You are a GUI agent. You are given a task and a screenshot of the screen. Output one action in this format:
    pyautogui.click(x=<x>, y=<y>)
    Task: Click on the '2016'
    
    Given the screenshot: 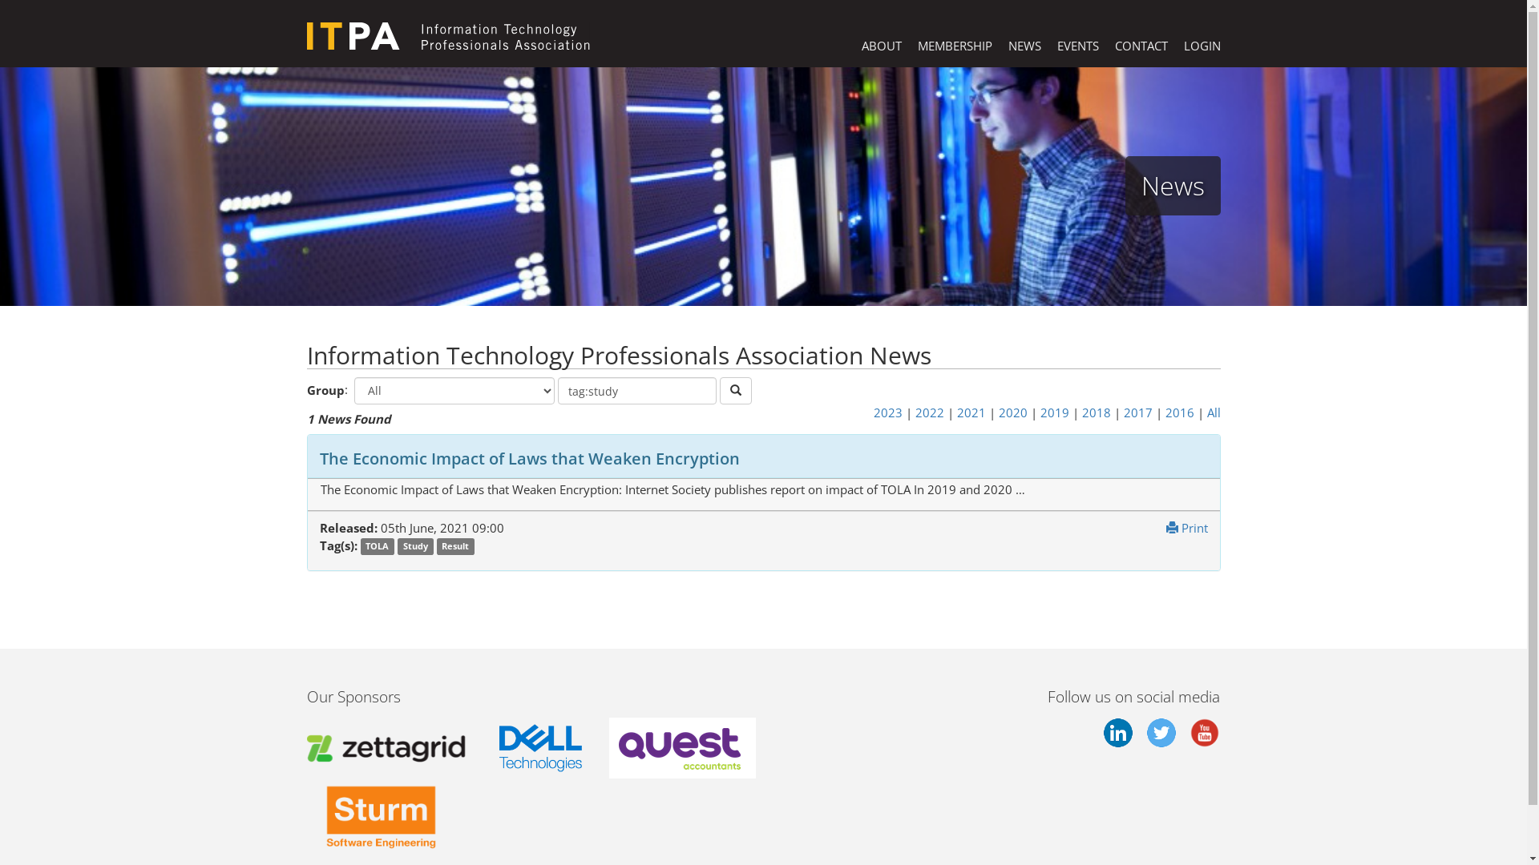 What is the action you would take?
    pyautogui.click(x=1180, y=412)
    